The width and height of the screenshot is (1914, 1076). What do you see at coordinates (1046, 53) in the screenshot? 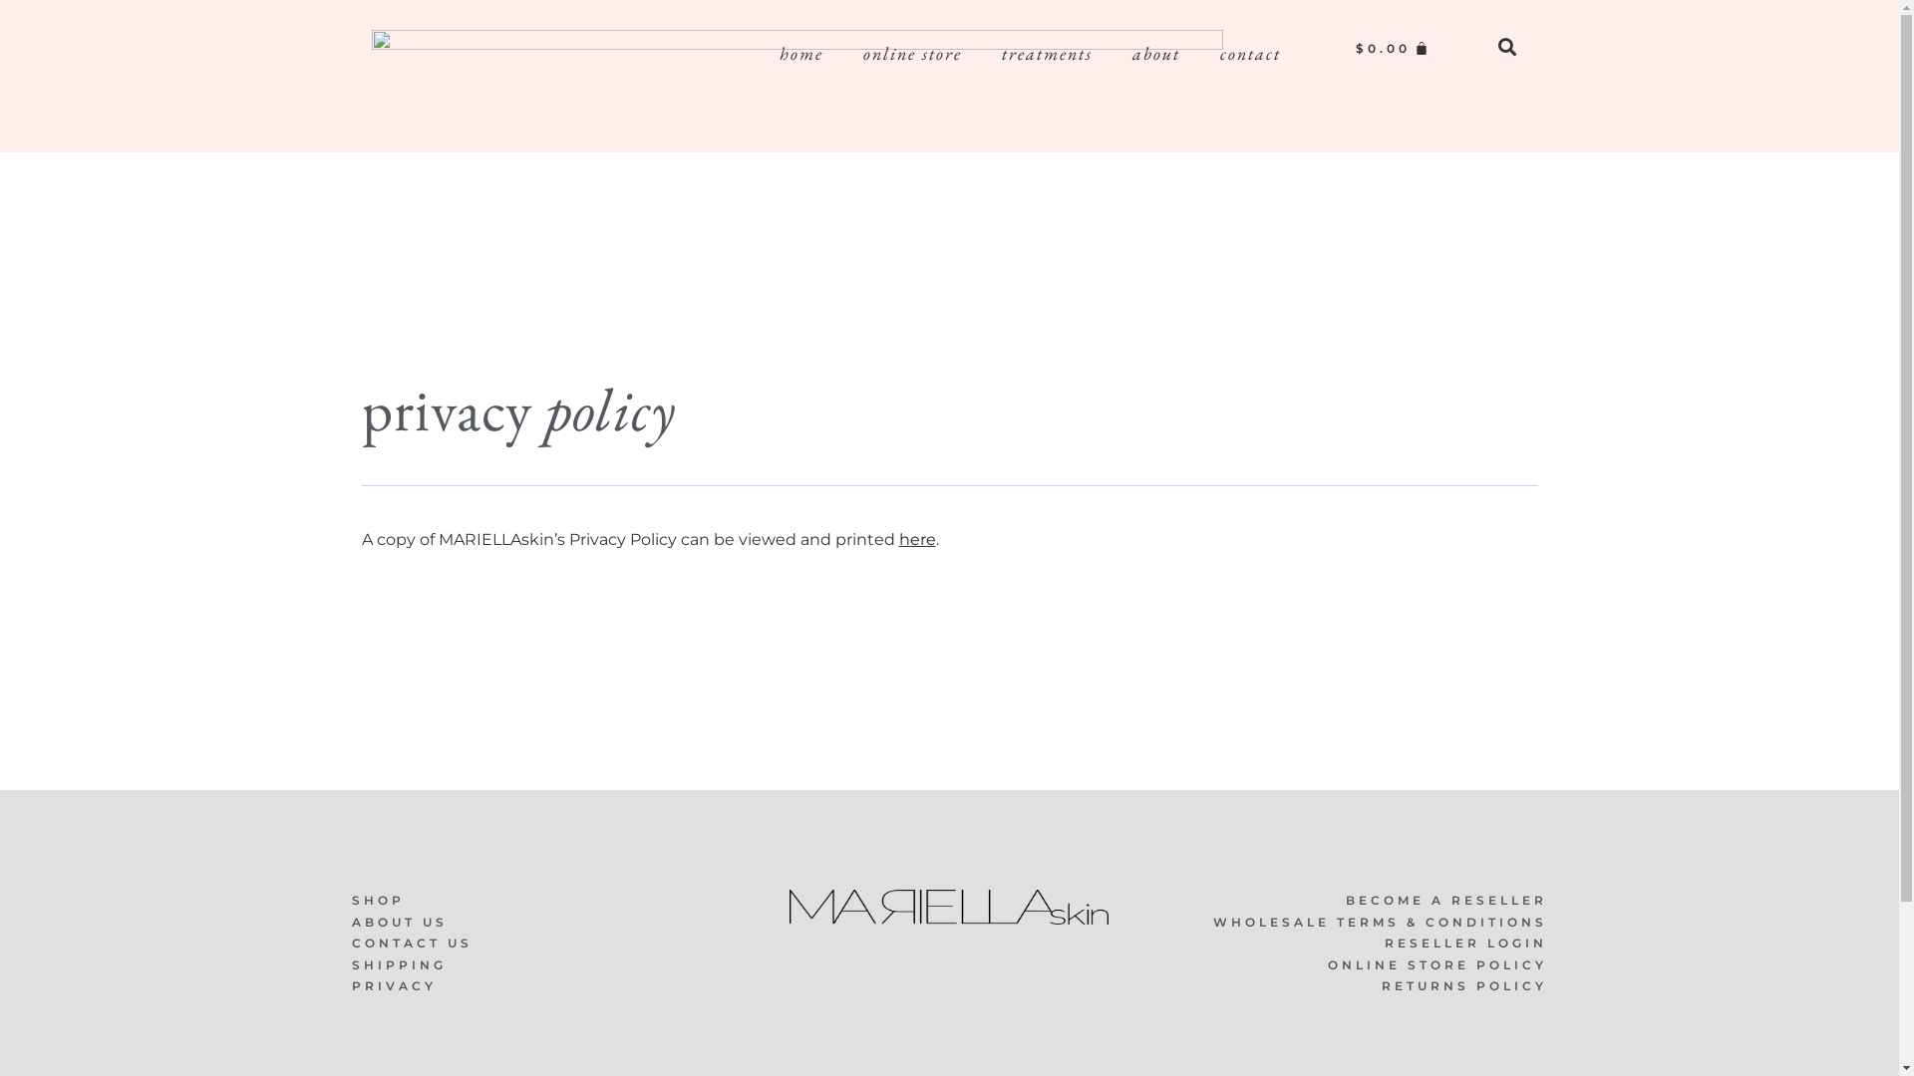
I see `'treatments'` at bounding box center [1046, 53].